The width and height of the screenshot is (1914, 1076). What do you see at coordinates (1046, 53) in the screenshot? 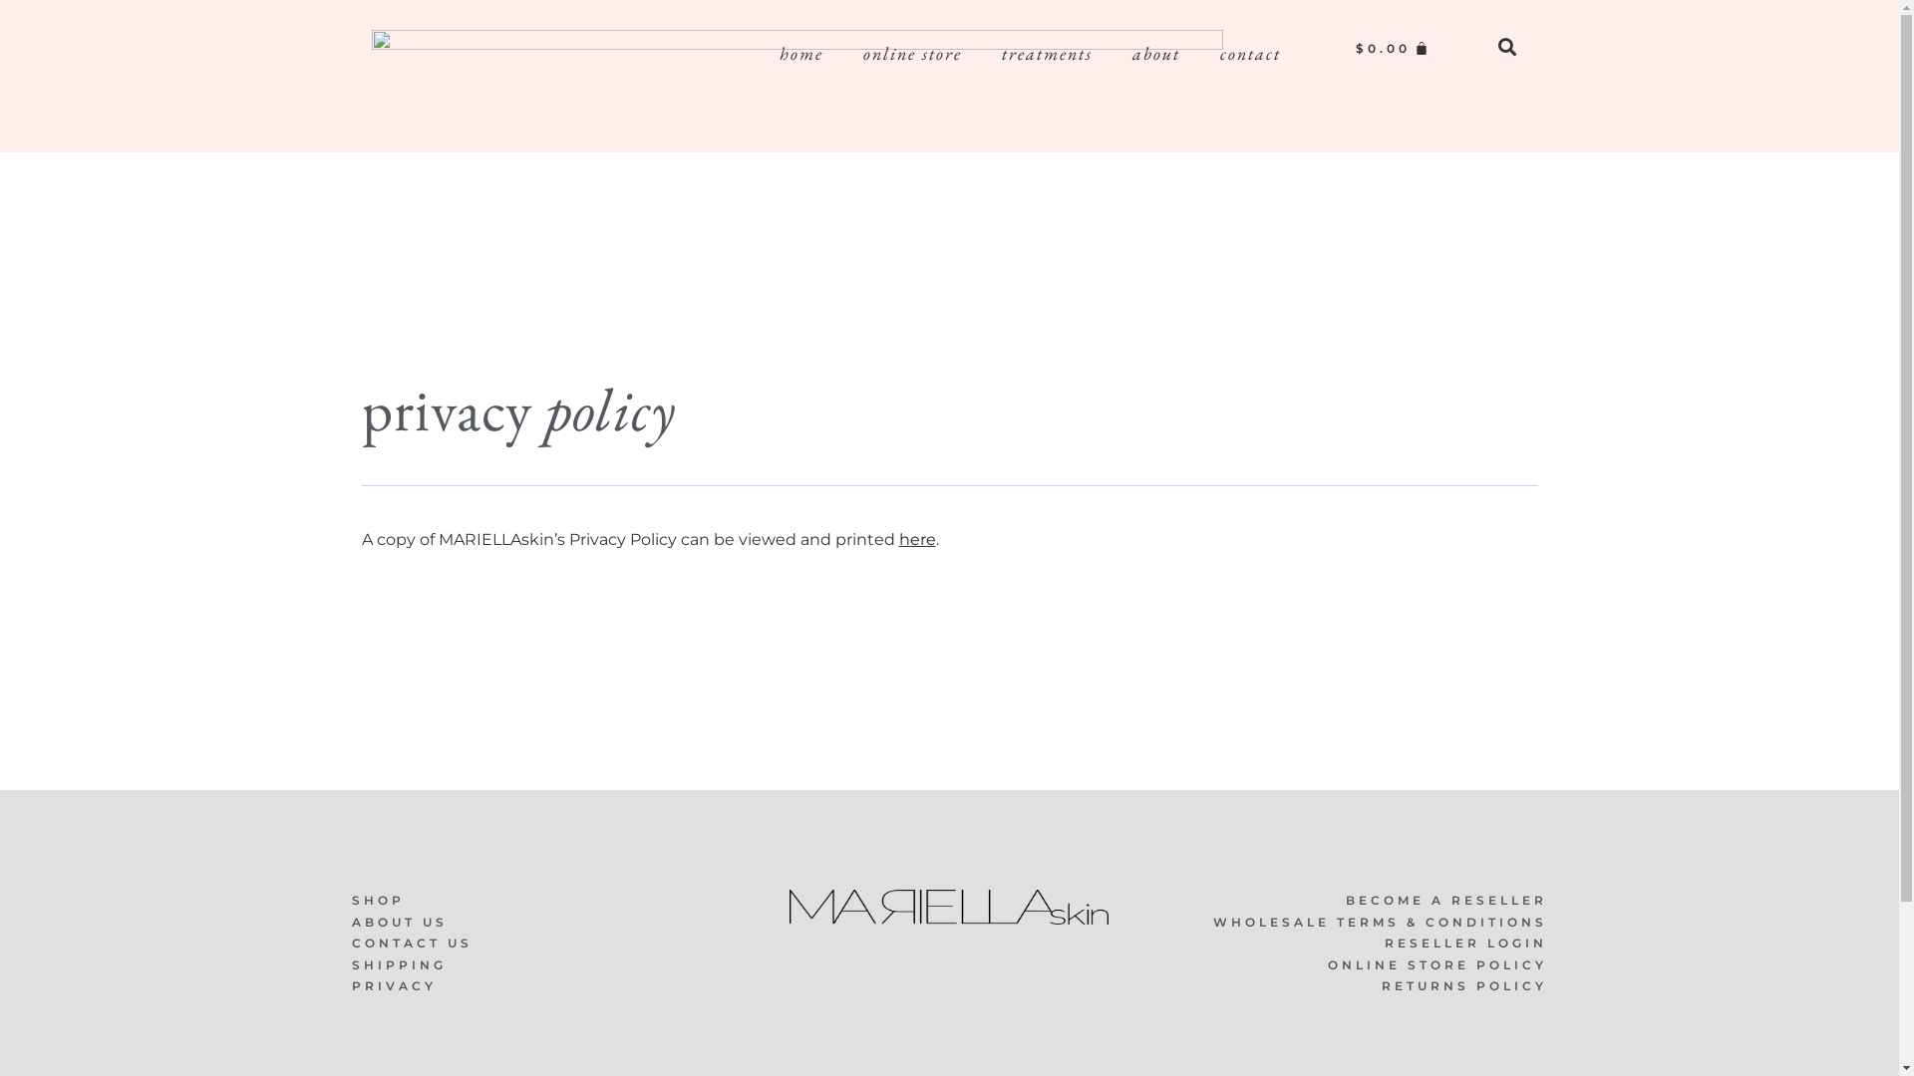
I see `'treatments'` at bounding box center [1046, 53].